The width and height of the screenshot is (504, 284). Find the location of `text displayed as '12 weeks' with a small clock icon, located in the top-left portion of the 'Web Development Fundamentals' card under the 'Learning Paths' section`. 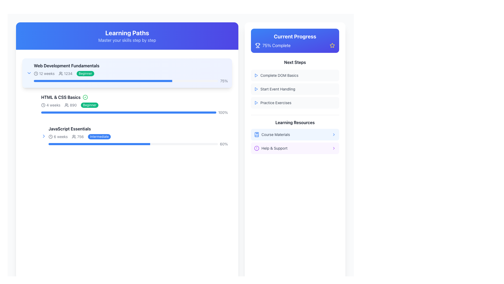

text displayed as '12 weeks' with a small clock icon, located in the top-left portion of the 'Web Development Fundamentals' card under the 'Learning Paths' section is located at coordinates (44, 74).